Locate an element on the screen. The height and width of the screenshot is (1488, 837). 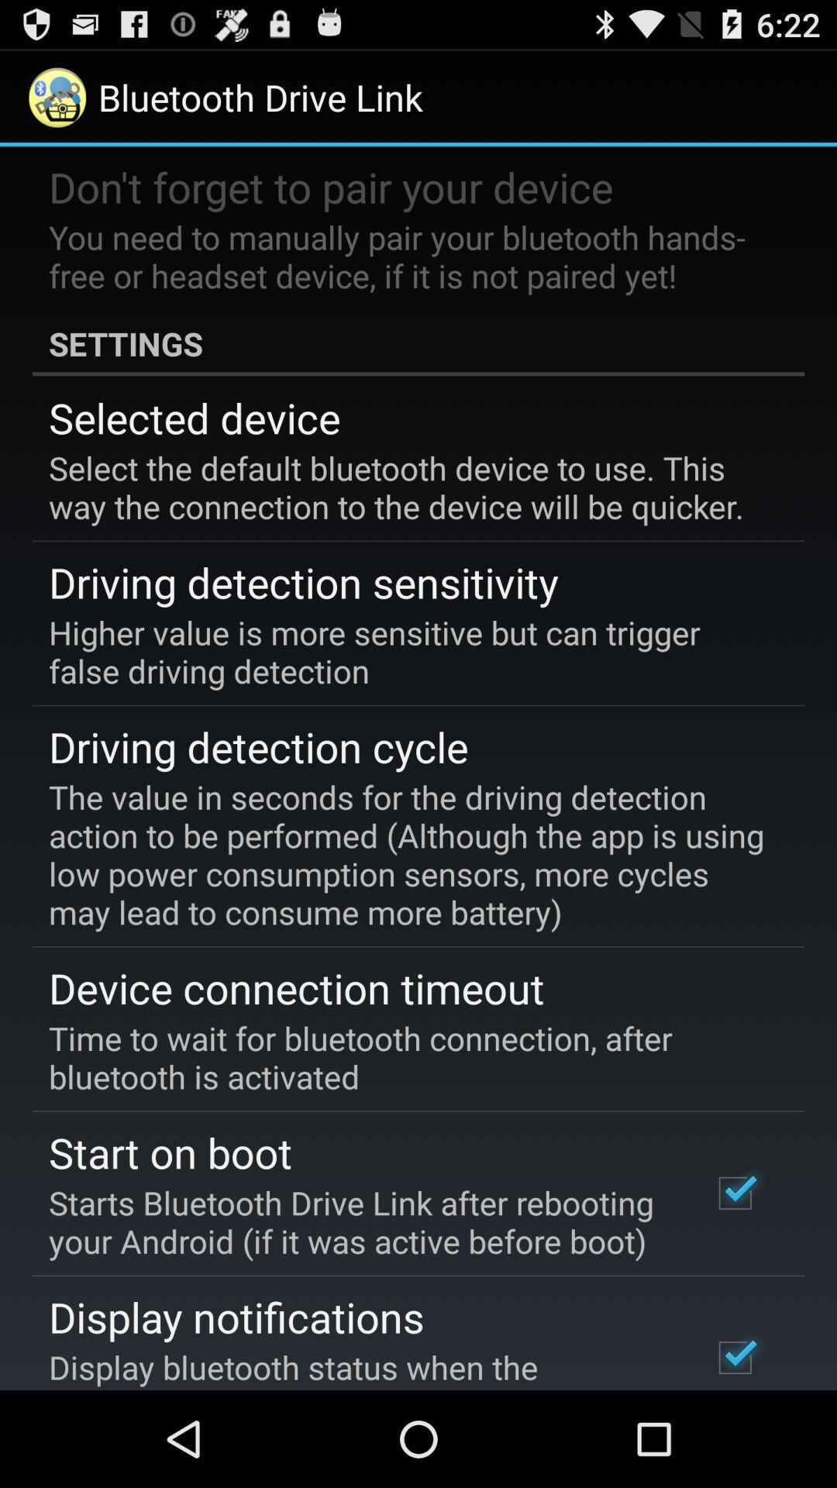
the app below selected device item is located at coordinates (407, 486).